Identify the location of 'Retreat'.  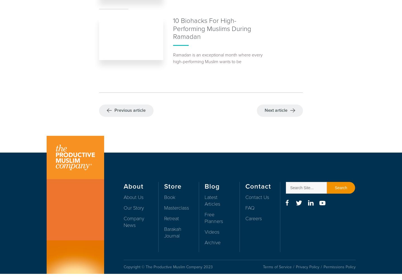
(171, 218).